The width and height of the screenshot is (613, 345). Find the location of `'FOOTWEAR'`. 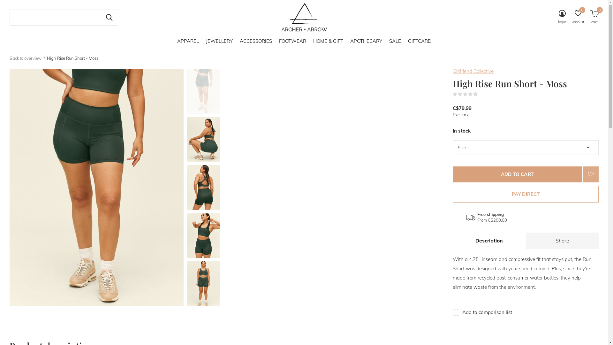

'FOOTWEAR' is located at coordinates (292, 41).